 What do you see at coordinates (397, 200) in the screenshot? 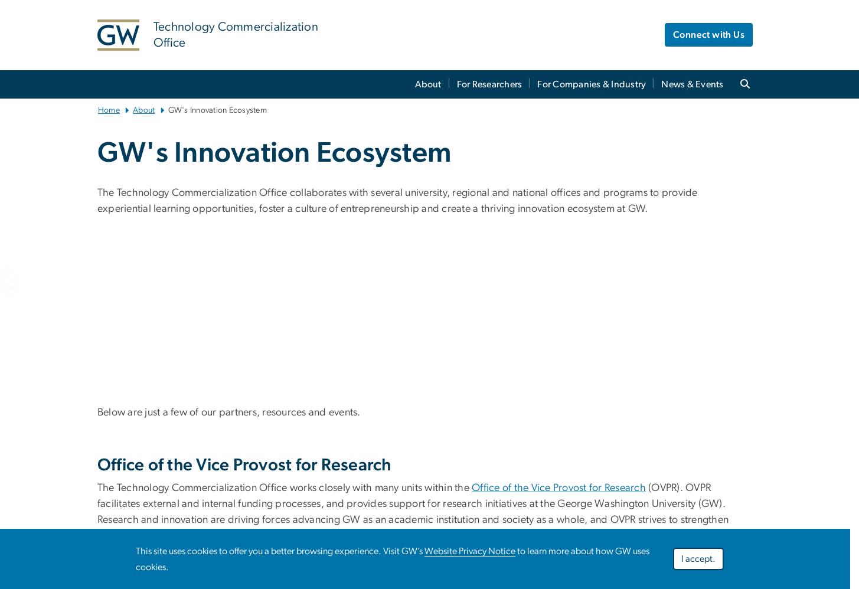
I see `'The Technology Commercialization Office collaborates with several university, regional and national offices and programs to provide experiential learning opportunities, foster a culture of entrepreneurship and create a thriving innovation ecosystem at GW.'` at bounding box center [397, 200].